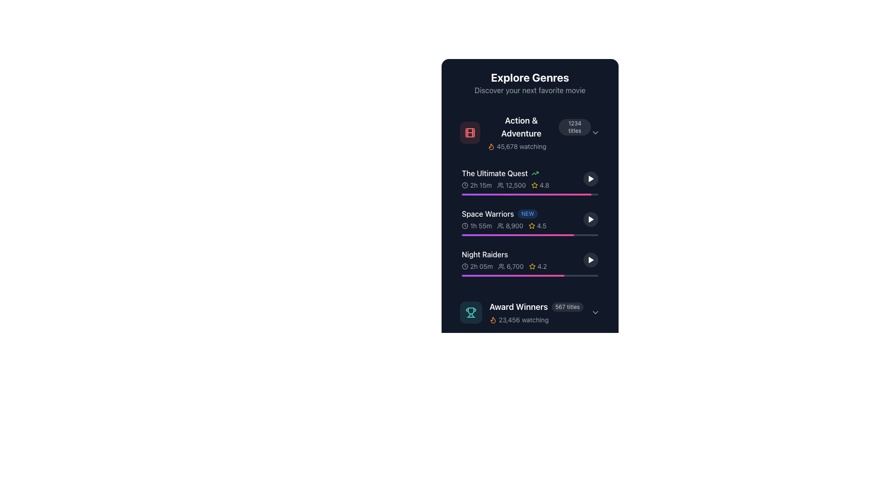 This screenshot has width=885, height=498. What do you see at coordinates (510, 225) in the screenshot?
I see `the text label displaying '8,900' in a small, gray font, located in the 'Space Warriors' subsection under 'Explore Genres', positioned between a clock icon and a rating score indicator` at bounding box center [510, 225].